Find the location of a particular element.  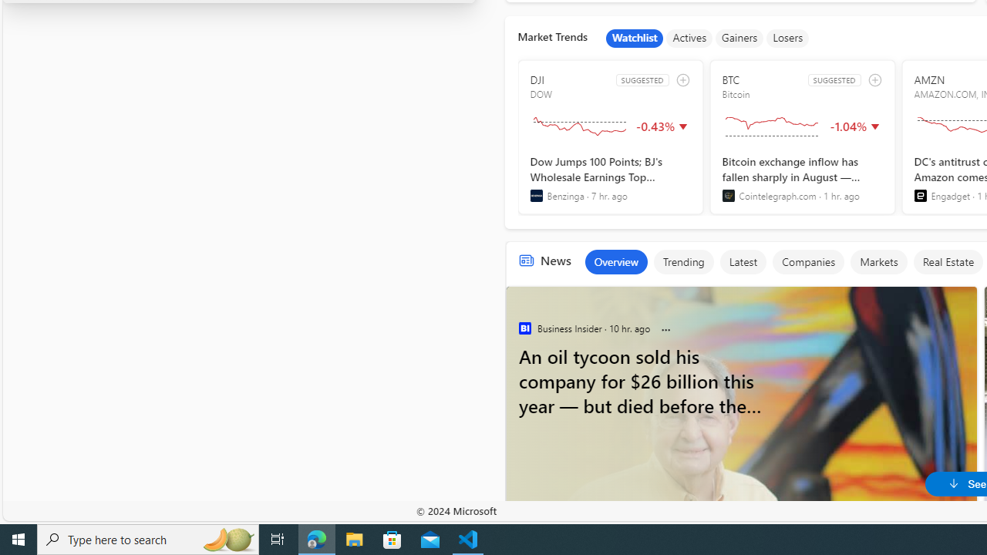

'Gainers' is located at coordinates (739, 38).